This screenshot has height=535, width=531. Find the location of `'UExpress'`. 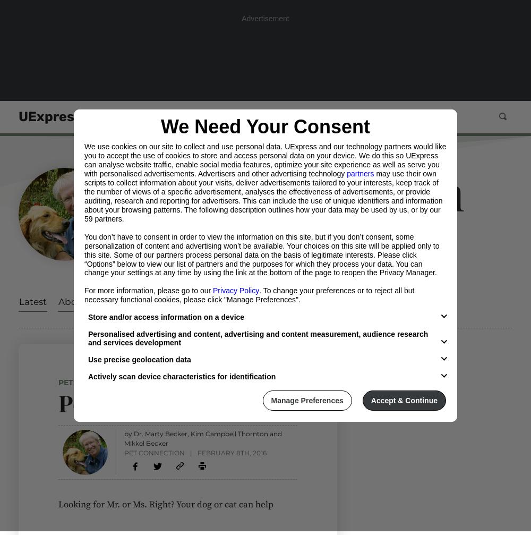

'UExpress' is located at coordinates (49, 116).